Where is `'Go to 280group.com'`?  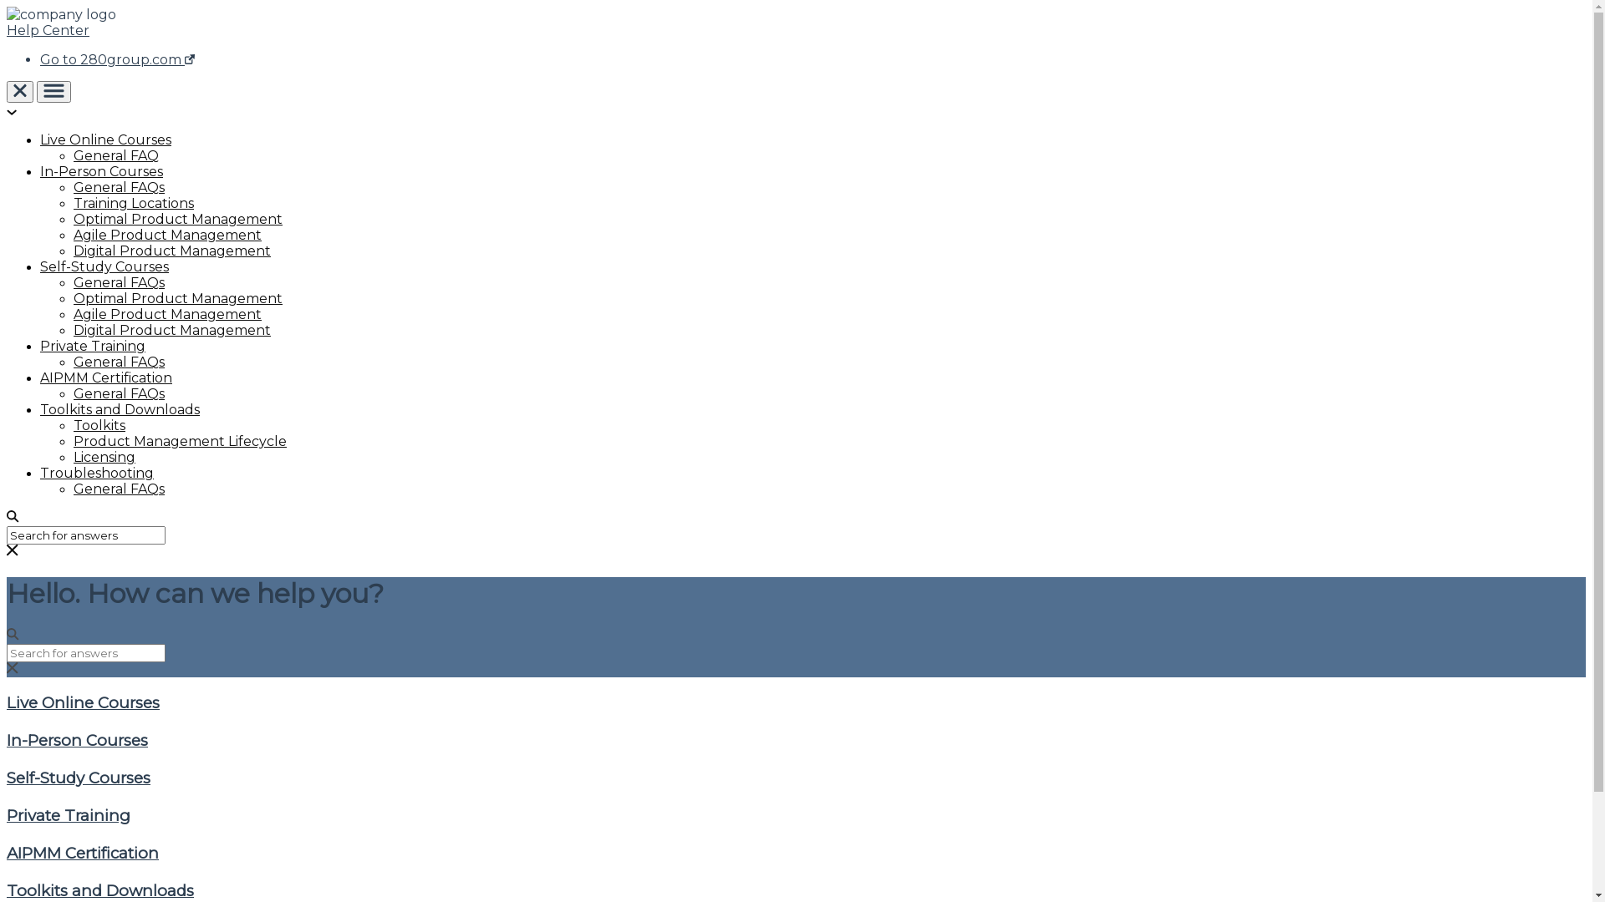 'Go to 280group.com' is located at coordinates (116, 58).